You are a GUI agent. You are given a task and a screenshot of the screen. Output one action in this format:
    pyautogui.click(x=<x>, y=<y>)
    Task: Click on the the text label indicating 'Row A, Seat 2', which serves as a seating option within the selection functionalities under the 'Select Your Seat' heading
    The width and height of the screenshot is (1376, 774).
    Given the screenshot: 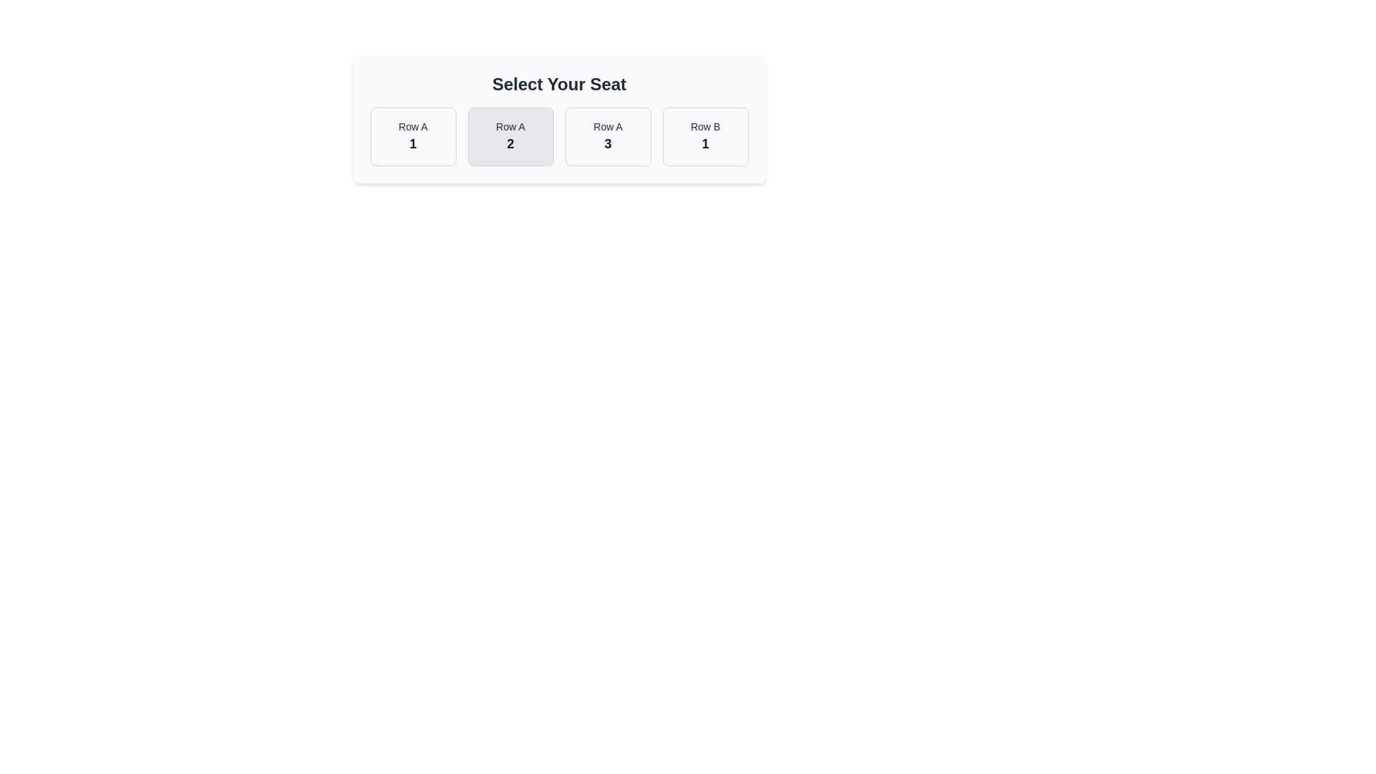 What is the action you would take?
    pyautogui.click(x=510, y=143)
    